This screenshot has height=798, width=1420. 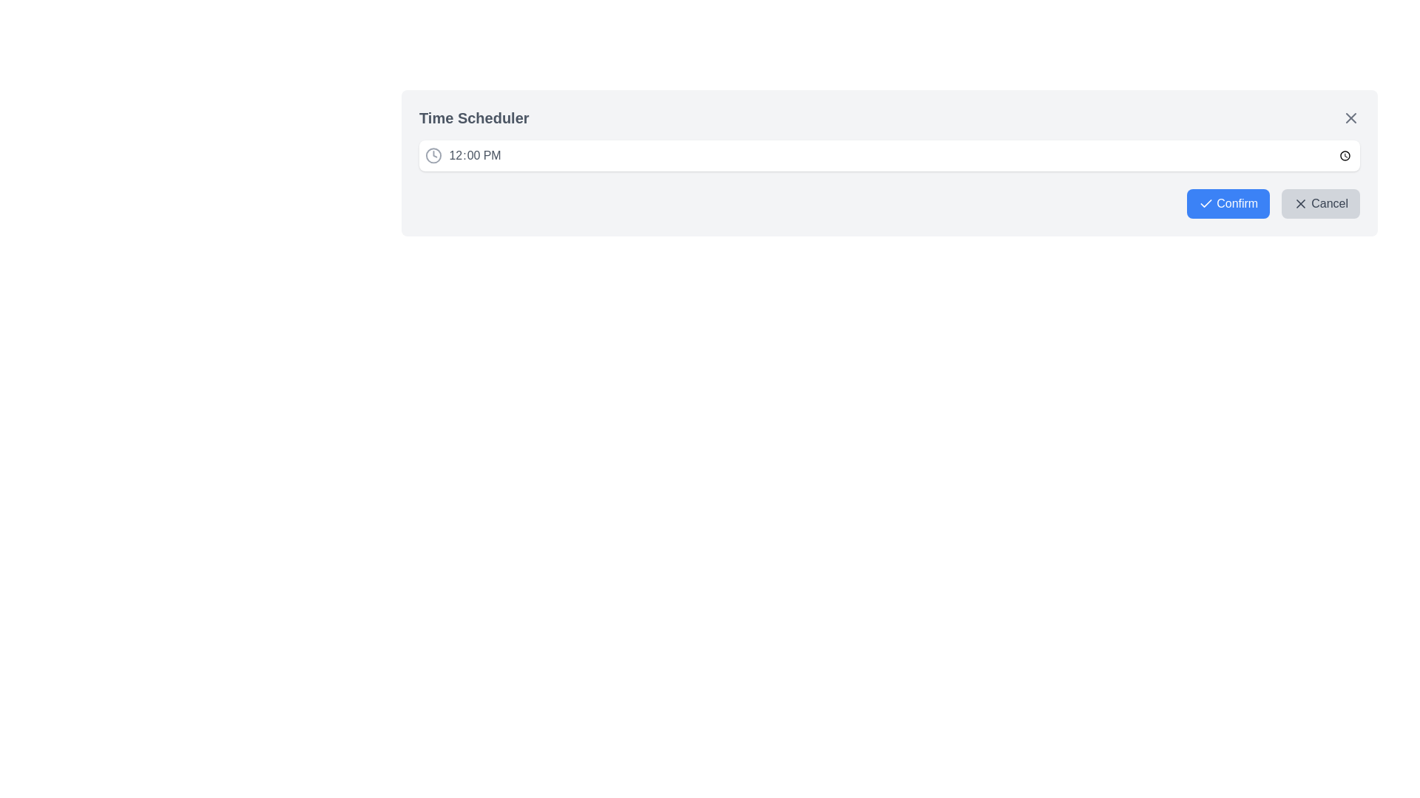 I want to click on the Text label at the top-left corner of the widget, which serves as the title or header for the interface, so click(x=474, y=117).